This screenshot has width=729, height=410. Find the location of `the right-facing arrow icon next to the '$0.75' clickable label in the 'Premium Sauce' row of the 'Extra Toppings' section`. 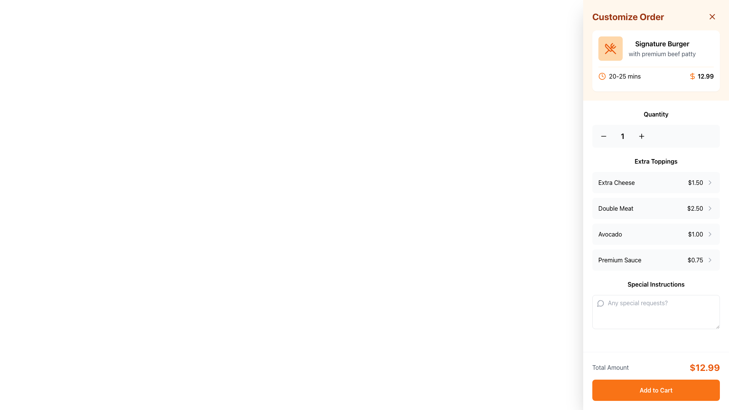

the right-facing arrow icon next to the '$0.75' clickable label in the 'Premium Sauce' row of the 'Extra Toppings' section is located at coordinates (700, 260).